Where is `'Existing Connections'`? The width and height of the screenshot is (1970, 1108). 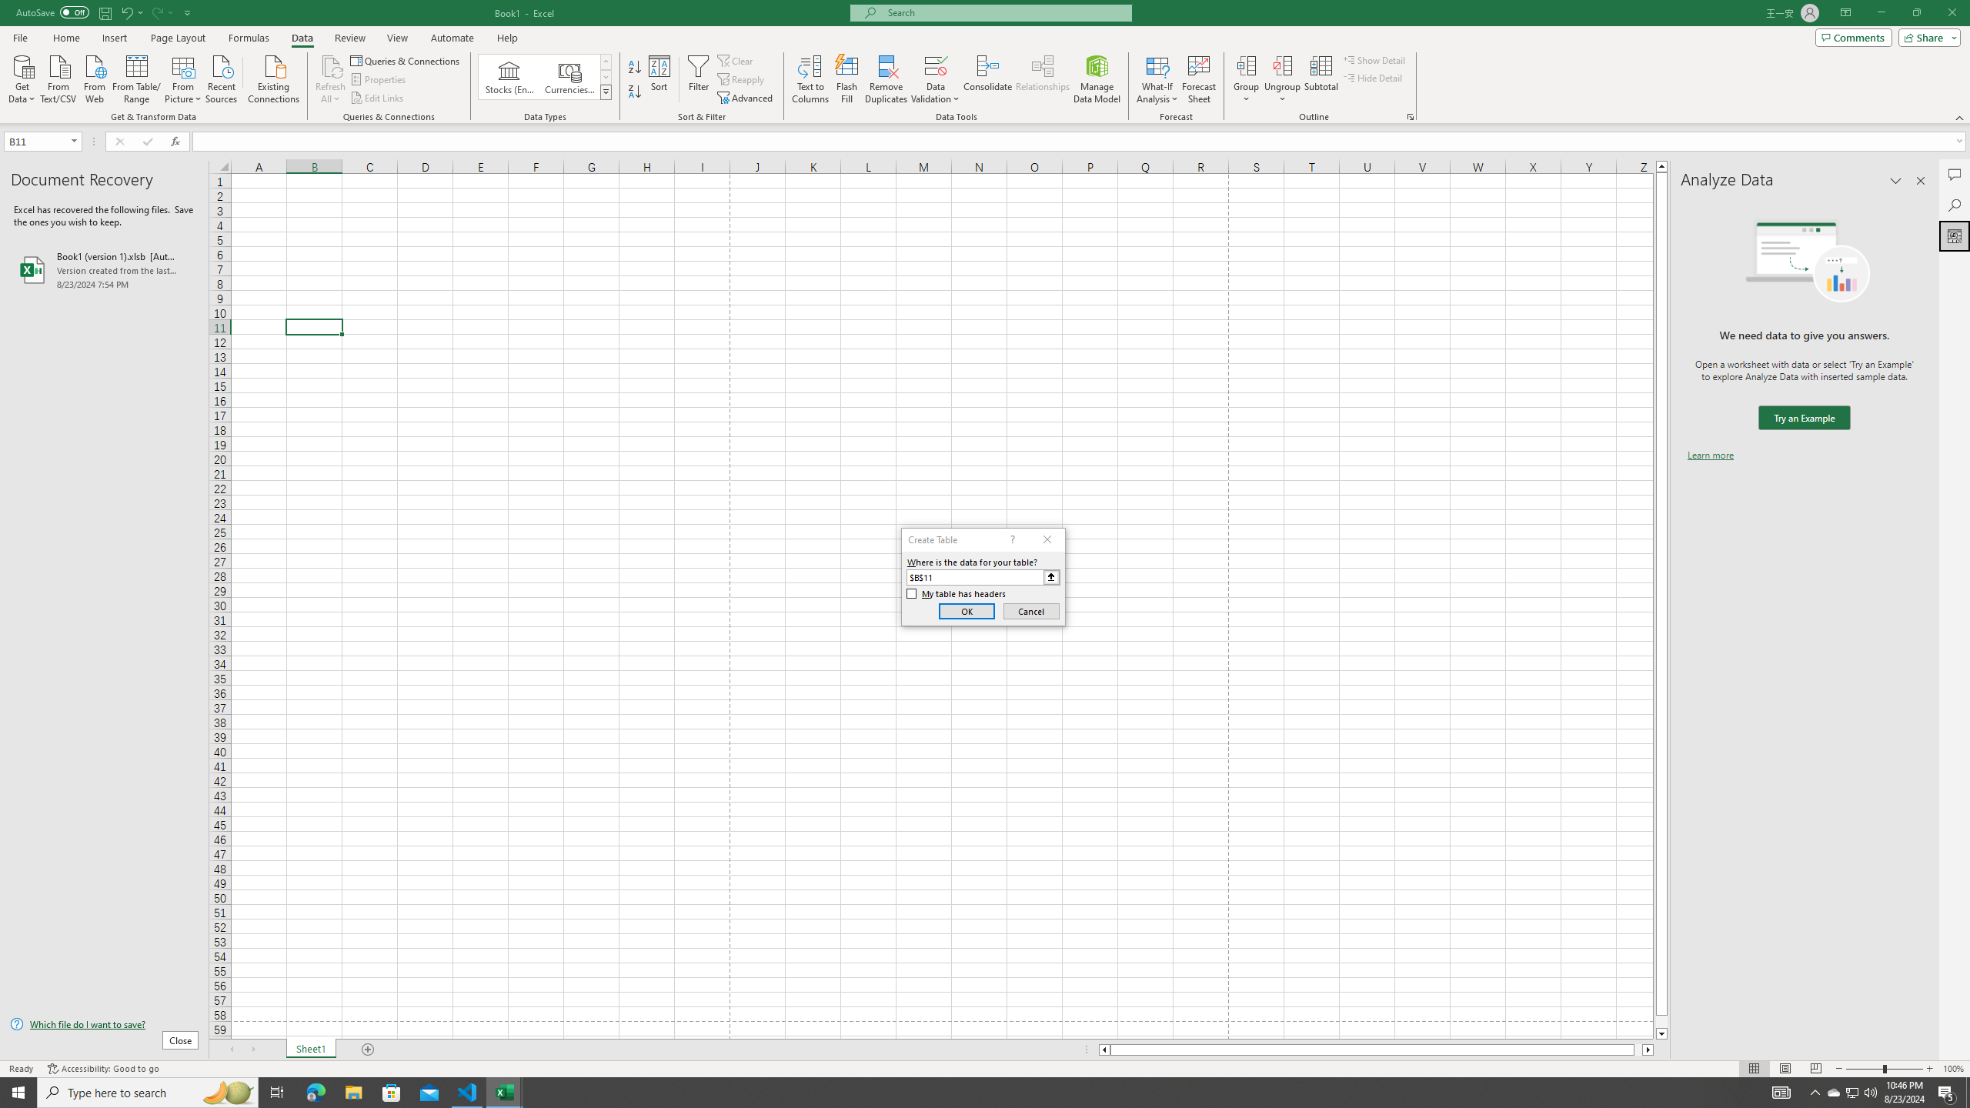
'Existing Connections' is located at coordinates (272, 77).